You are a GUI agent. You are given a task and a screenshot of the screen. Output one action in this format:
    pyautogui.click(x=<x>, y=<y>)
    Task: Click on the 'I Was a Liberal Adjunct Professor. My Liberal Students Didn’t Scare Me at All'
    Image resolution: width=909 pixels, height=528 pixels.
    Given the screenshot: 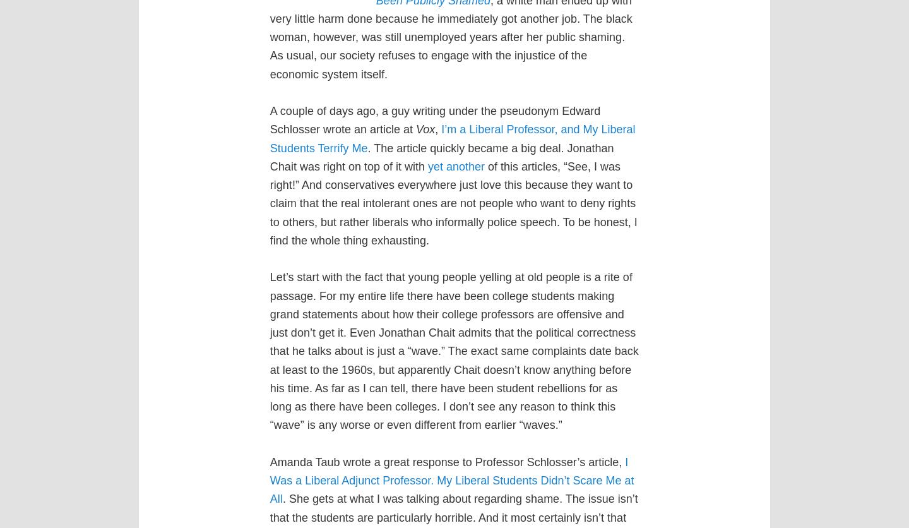 What is the action you would take?
    pyautogui.click(x=451, y=479)
    